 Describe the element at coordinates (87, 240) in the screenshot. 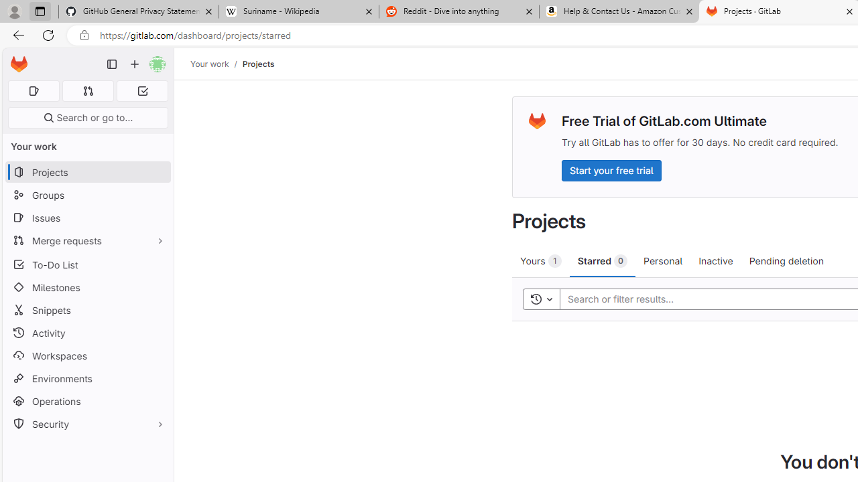

I see `'Merge requests'` at that location.